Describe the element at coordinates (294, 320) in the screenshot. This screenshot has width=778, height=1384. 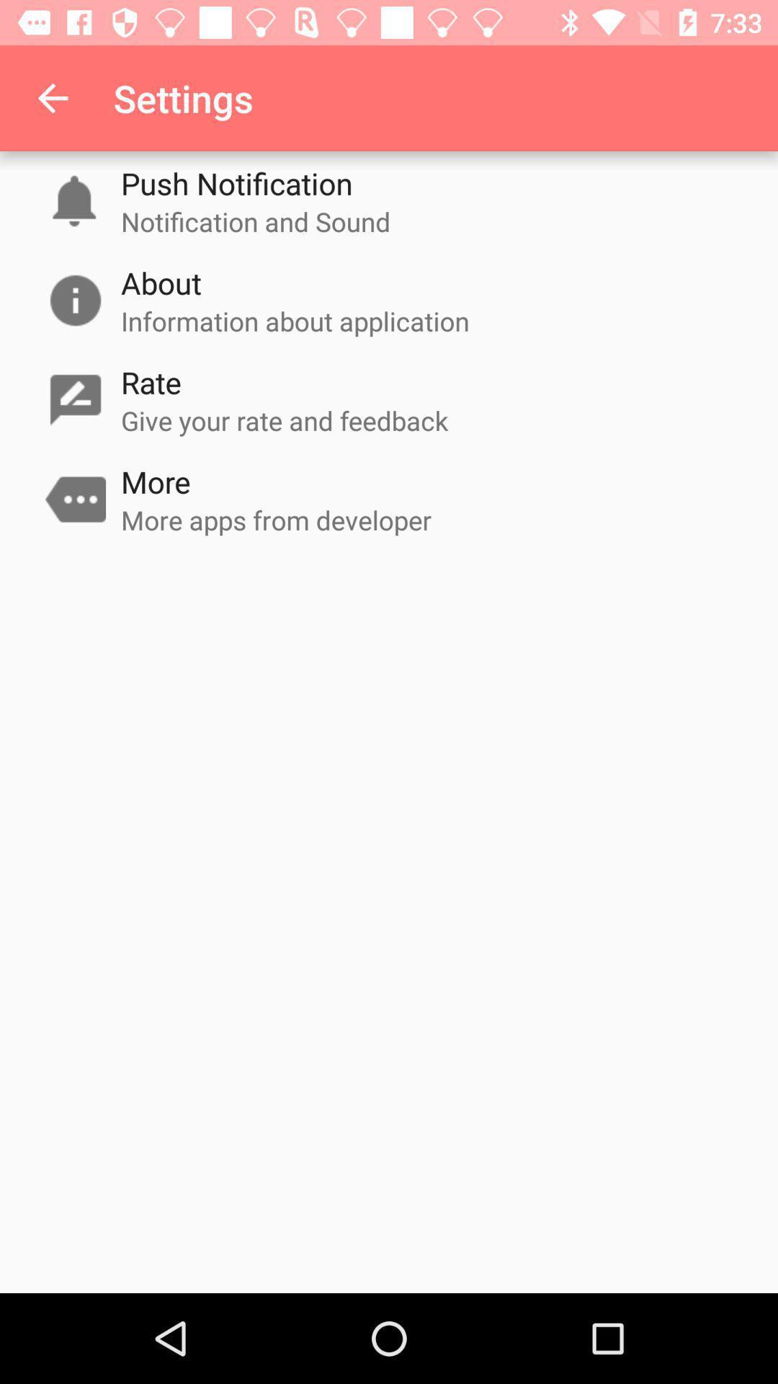
I see `item below about item` at that location.